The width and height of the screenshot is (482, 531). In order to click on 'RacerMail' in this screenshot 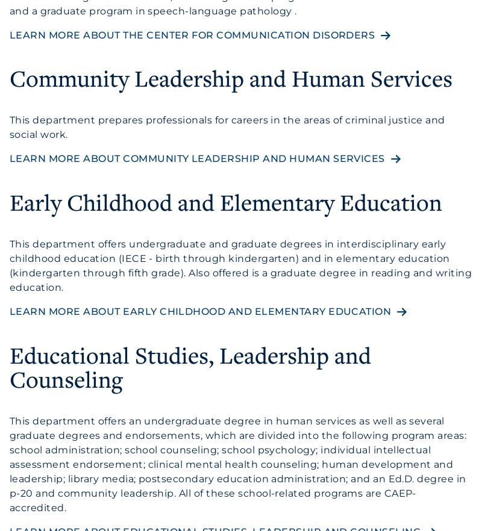, I will do `click(84, 41)`.